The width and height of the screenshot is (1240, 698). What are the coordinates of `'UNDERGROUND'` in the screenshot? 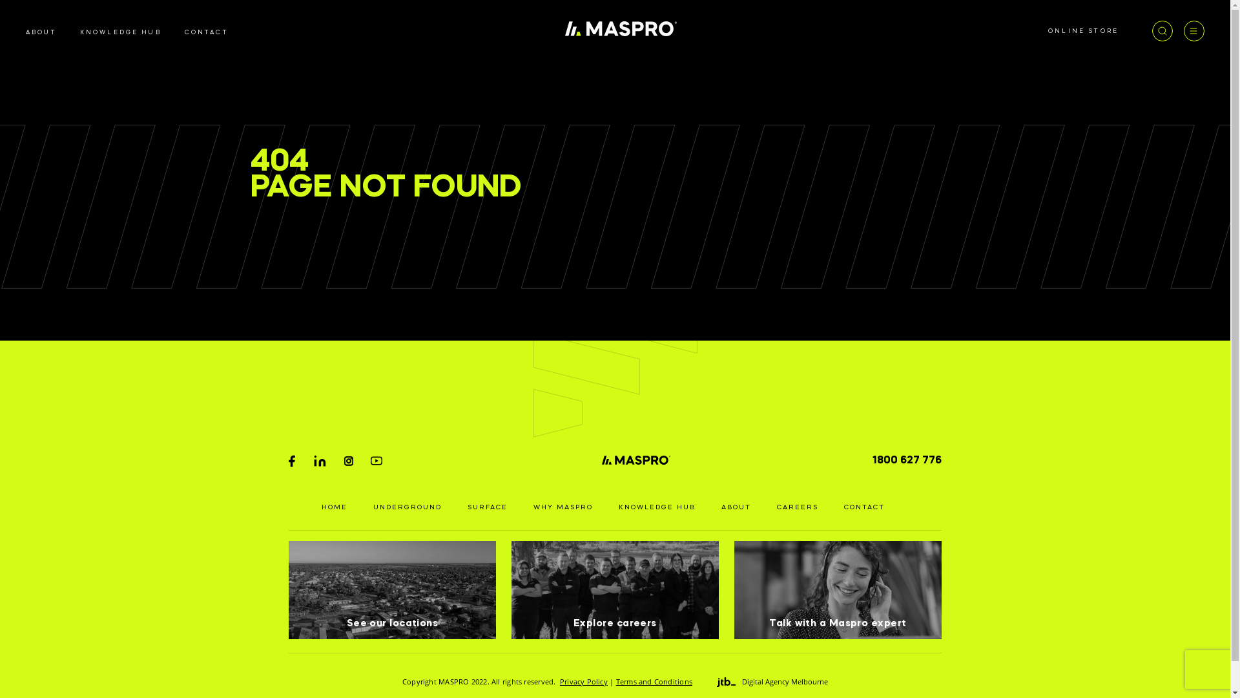 It's located at (406, 507).